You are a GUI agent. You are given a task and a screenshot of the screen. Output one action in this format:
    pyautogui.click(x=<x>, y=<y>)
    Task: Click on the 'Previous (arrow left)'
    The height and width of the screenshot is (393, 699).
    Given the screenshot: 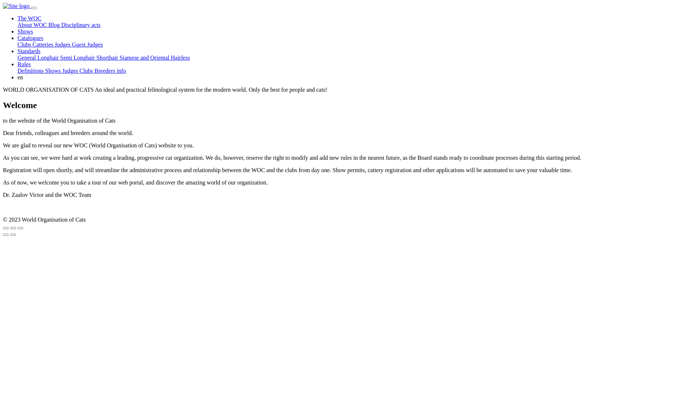 What is the action you would take?
    pyautogui.click(x=5, y=234)
    